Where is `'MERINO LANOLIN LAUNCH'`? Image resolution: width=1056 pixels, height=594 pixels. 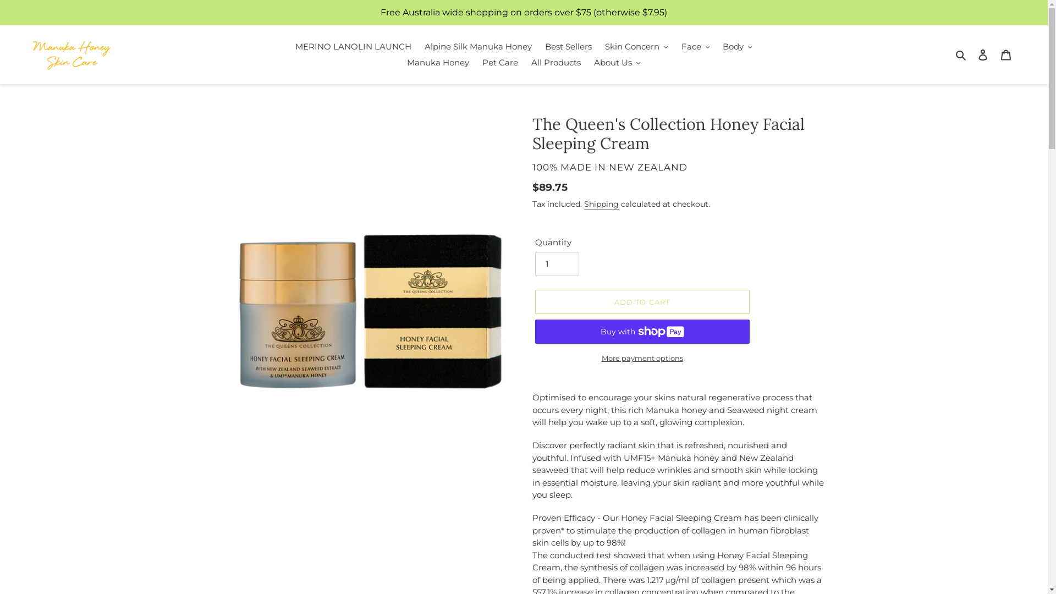
'MERINO LANOLIN LAUNCH' is located at coordinates (353, 46).